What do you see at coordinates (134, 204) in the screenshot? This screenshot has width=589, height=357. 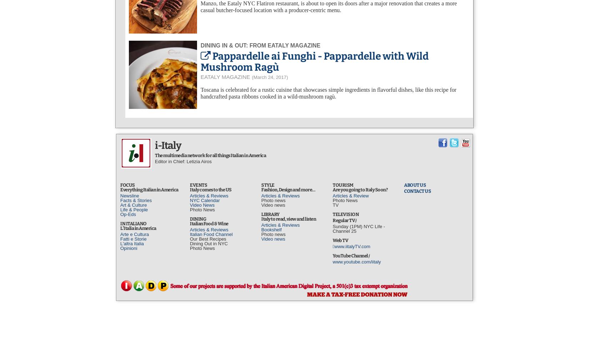 I see `'Art & Culture'` at bounding box center [134, 204].